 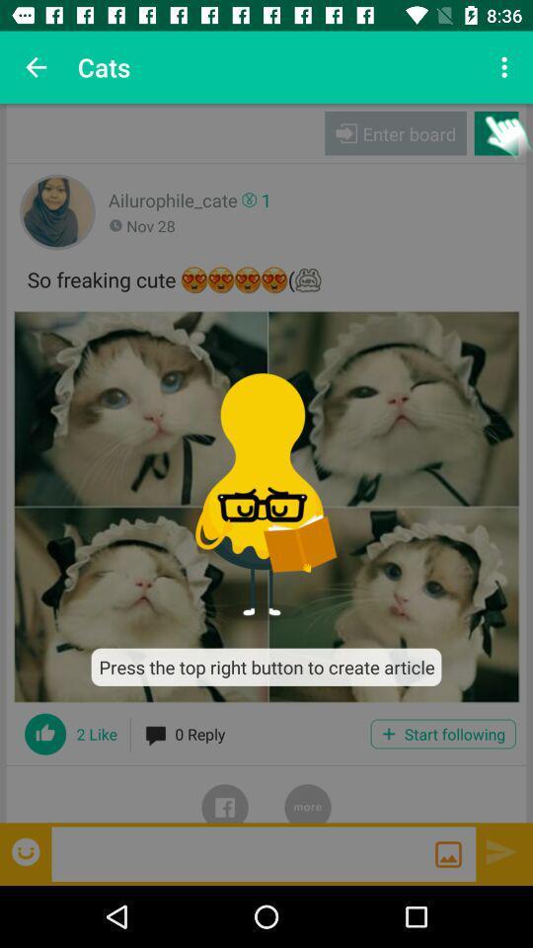 I want to click on show more posts, so click(x=308, y=794).